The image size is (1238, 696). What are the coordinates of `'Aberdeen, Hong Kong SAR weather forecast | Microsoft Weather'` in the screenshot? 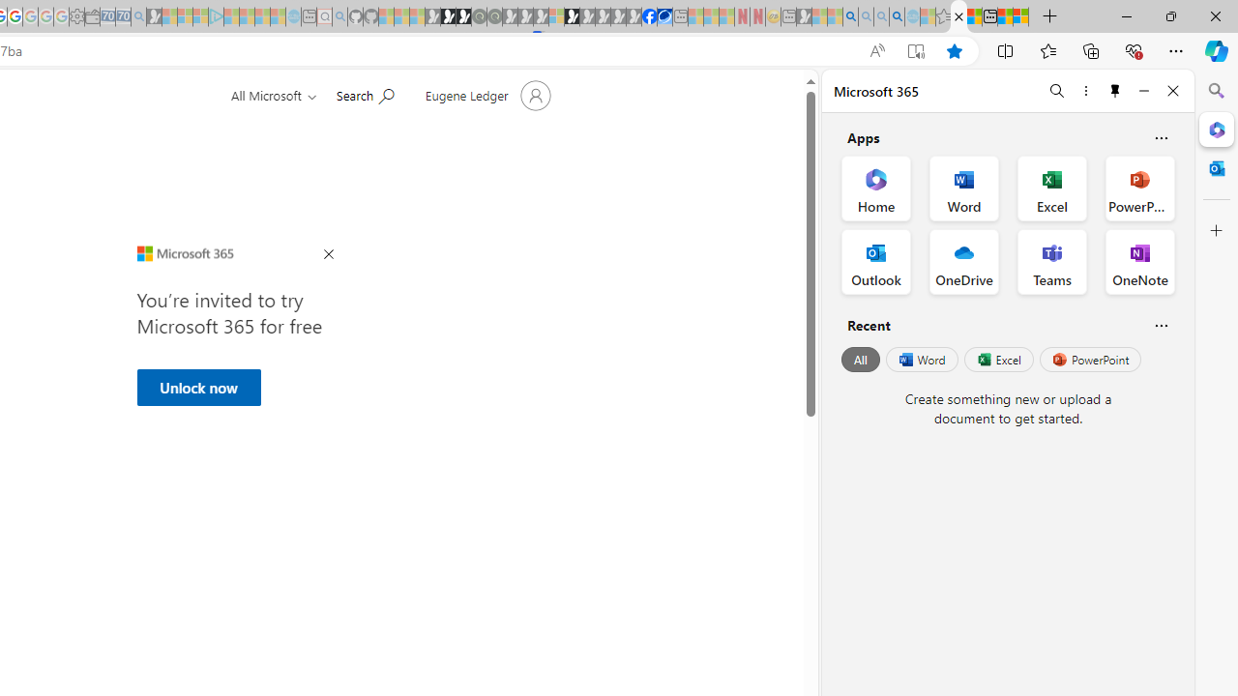 It's located at (974, 16).